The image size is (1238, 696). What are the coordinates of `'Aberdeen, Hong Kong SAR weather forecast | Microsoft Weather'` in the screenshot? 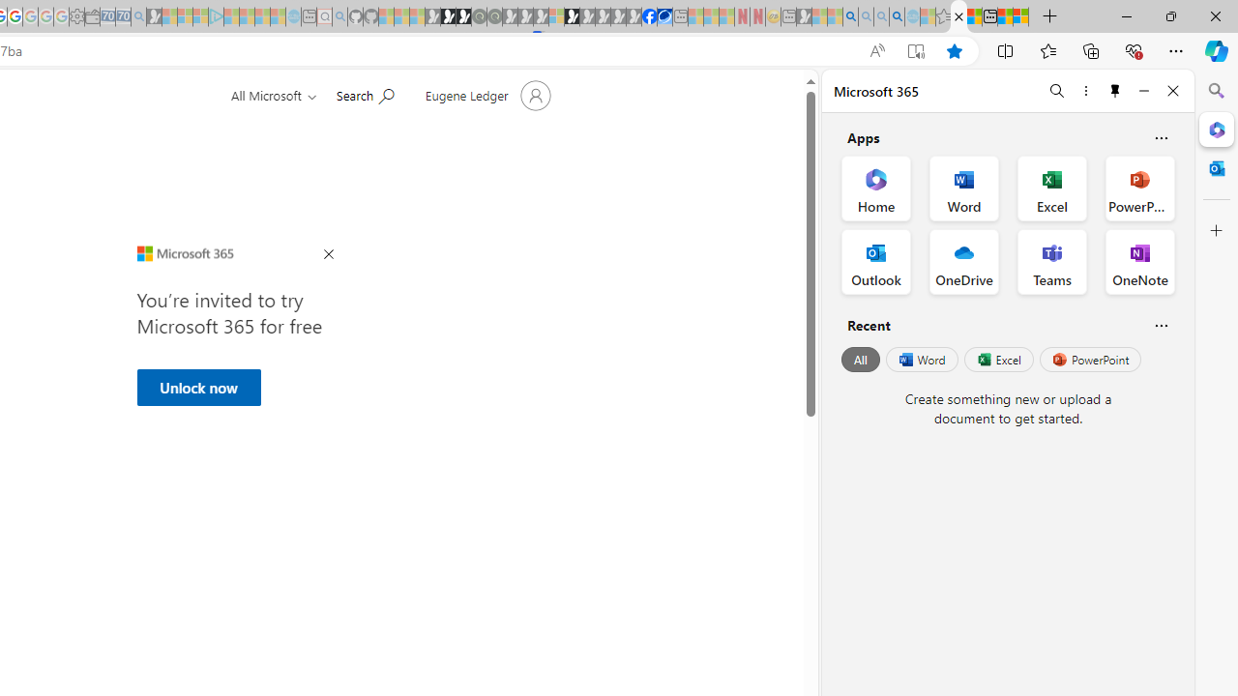 It's located at (974, 16).